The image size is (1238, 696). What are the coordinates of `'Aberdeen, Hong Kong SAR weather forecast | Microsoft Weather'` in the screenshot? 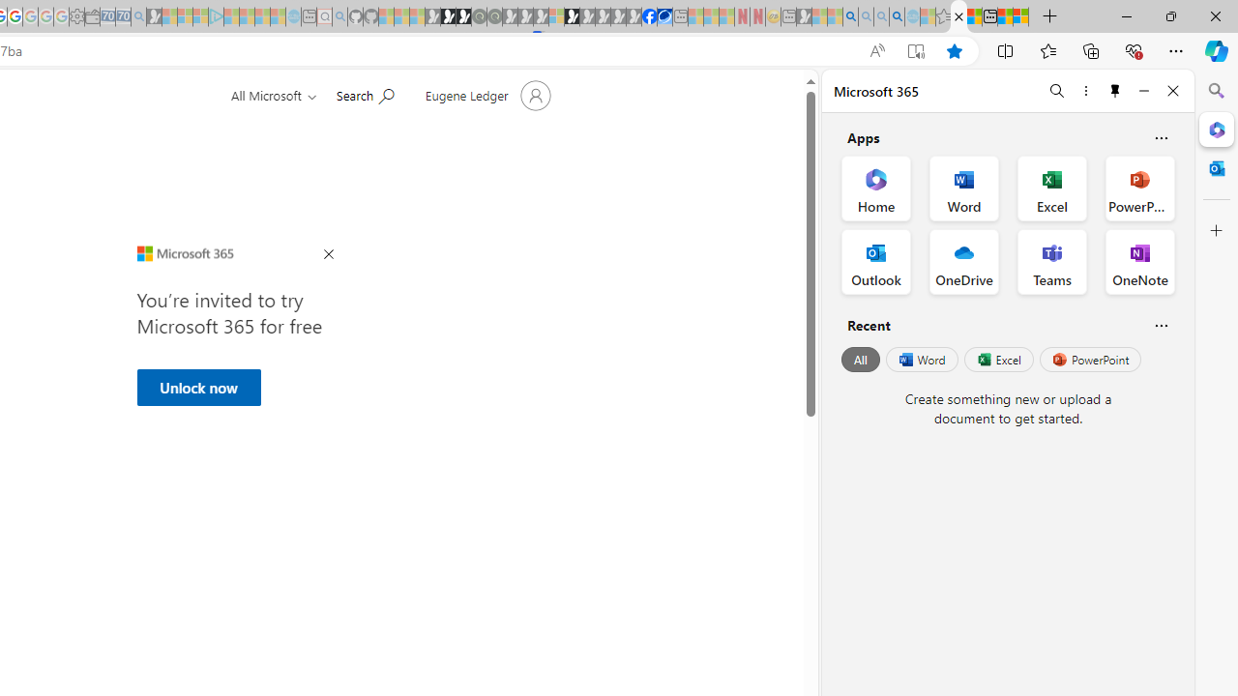 It's located at (974, 16).